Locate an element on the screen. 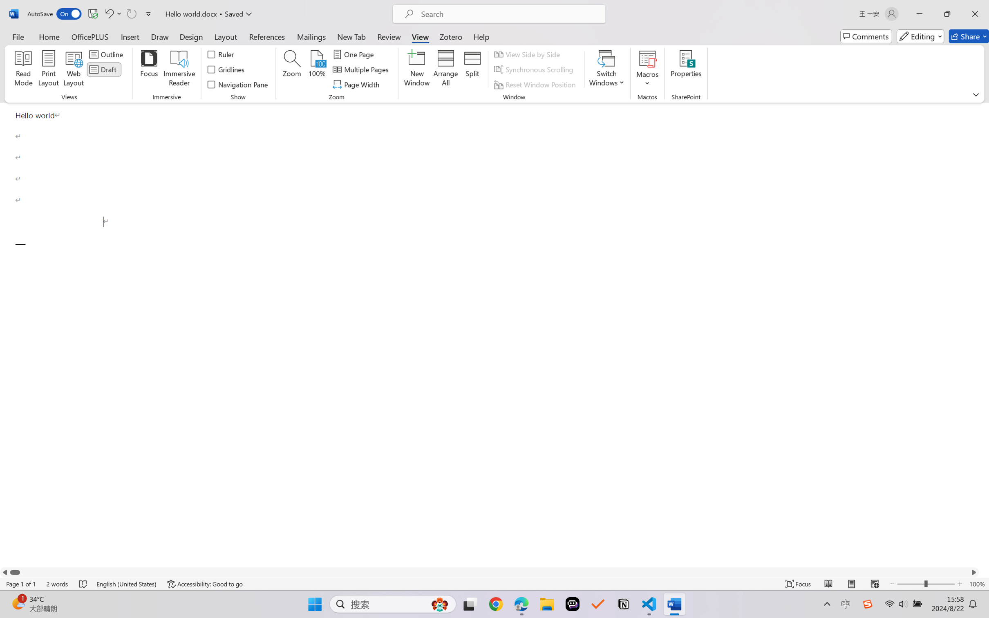  'Immersive Reader' is located at coordinates (179, 69).